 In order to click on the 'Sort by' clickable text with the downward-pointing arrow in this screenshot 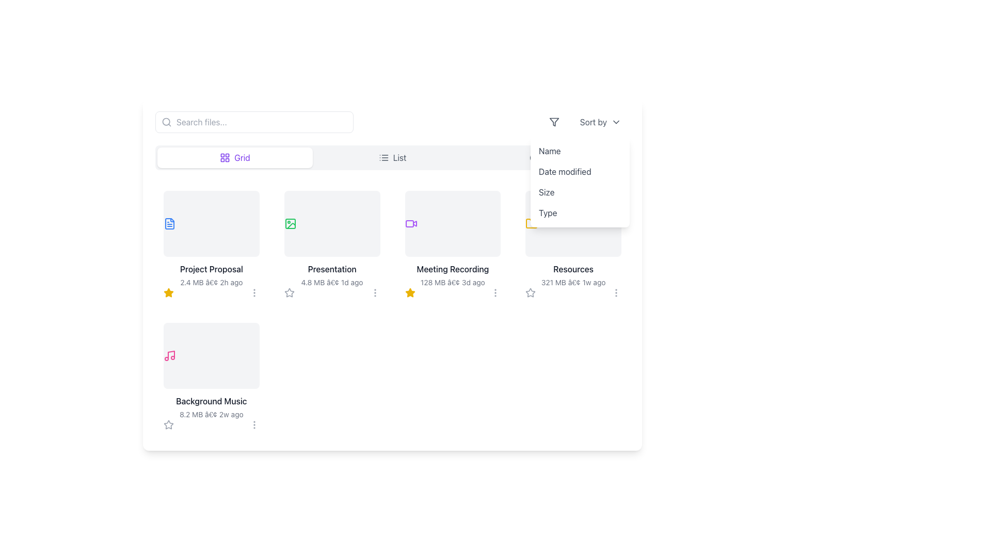, I will do `click(600, 121)`.